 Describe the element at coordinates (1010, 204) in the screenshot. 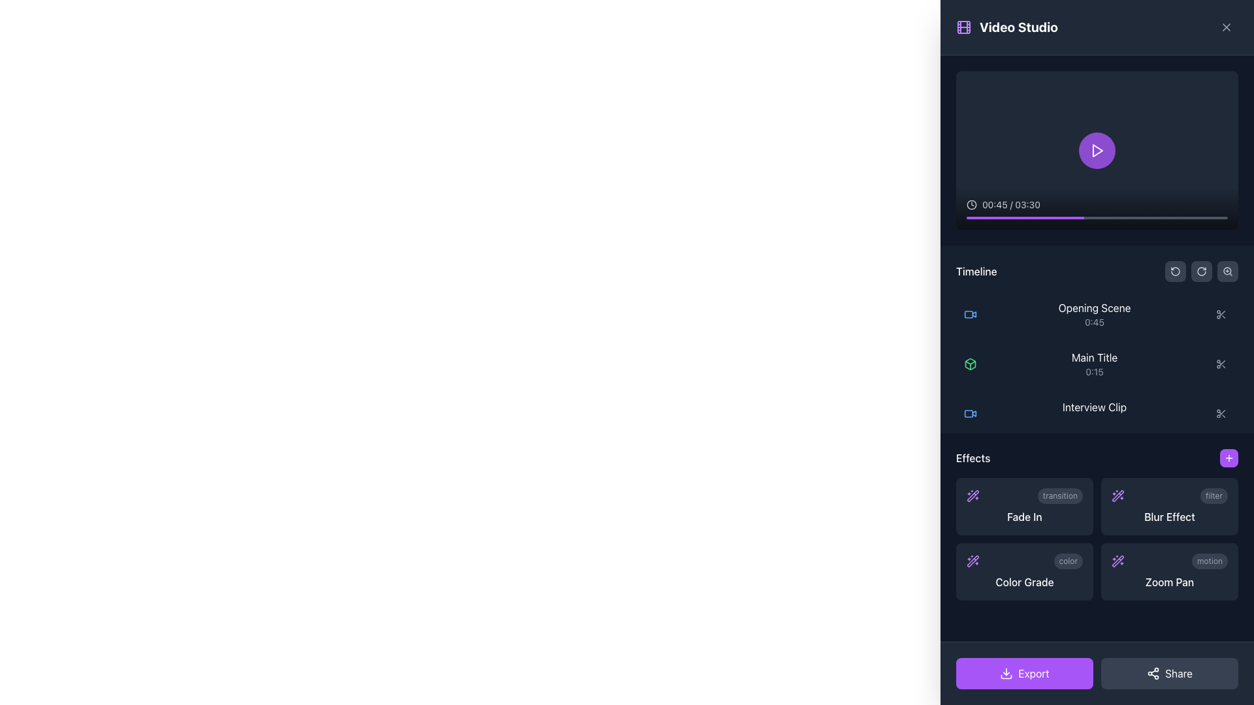

I see `the progress time text element located near the bottom of the video preview area, next to the clock icon` at that location.